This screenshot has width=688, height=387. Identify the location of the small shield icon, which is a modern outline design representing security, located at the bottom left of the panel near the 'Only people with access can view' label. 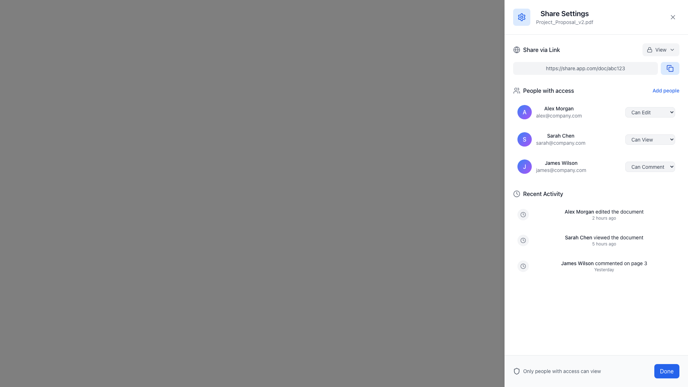
(516, 371).